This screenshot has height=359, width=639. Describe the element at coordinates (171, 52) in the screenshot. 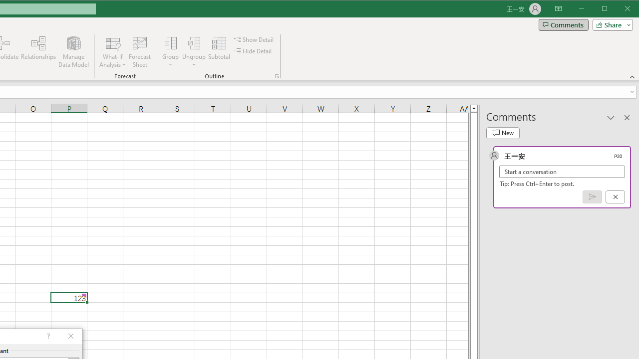

I see `'Group...'` at that location.